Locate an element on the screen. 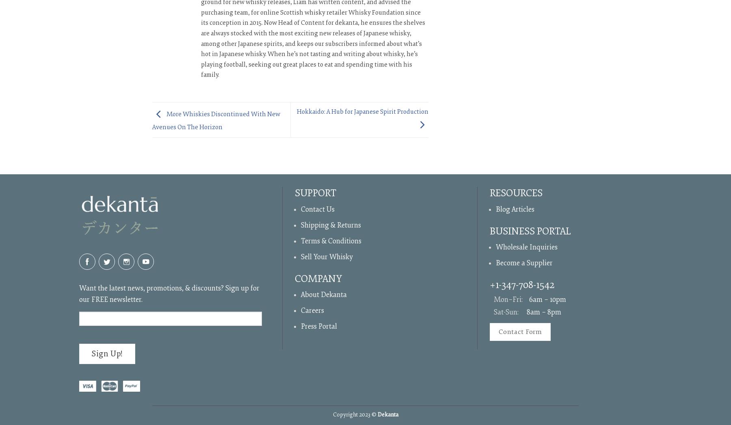 The height and width of the screenshot is (425, 731). 'Wholesale Inquiries' is located at coordinates (526, 247).